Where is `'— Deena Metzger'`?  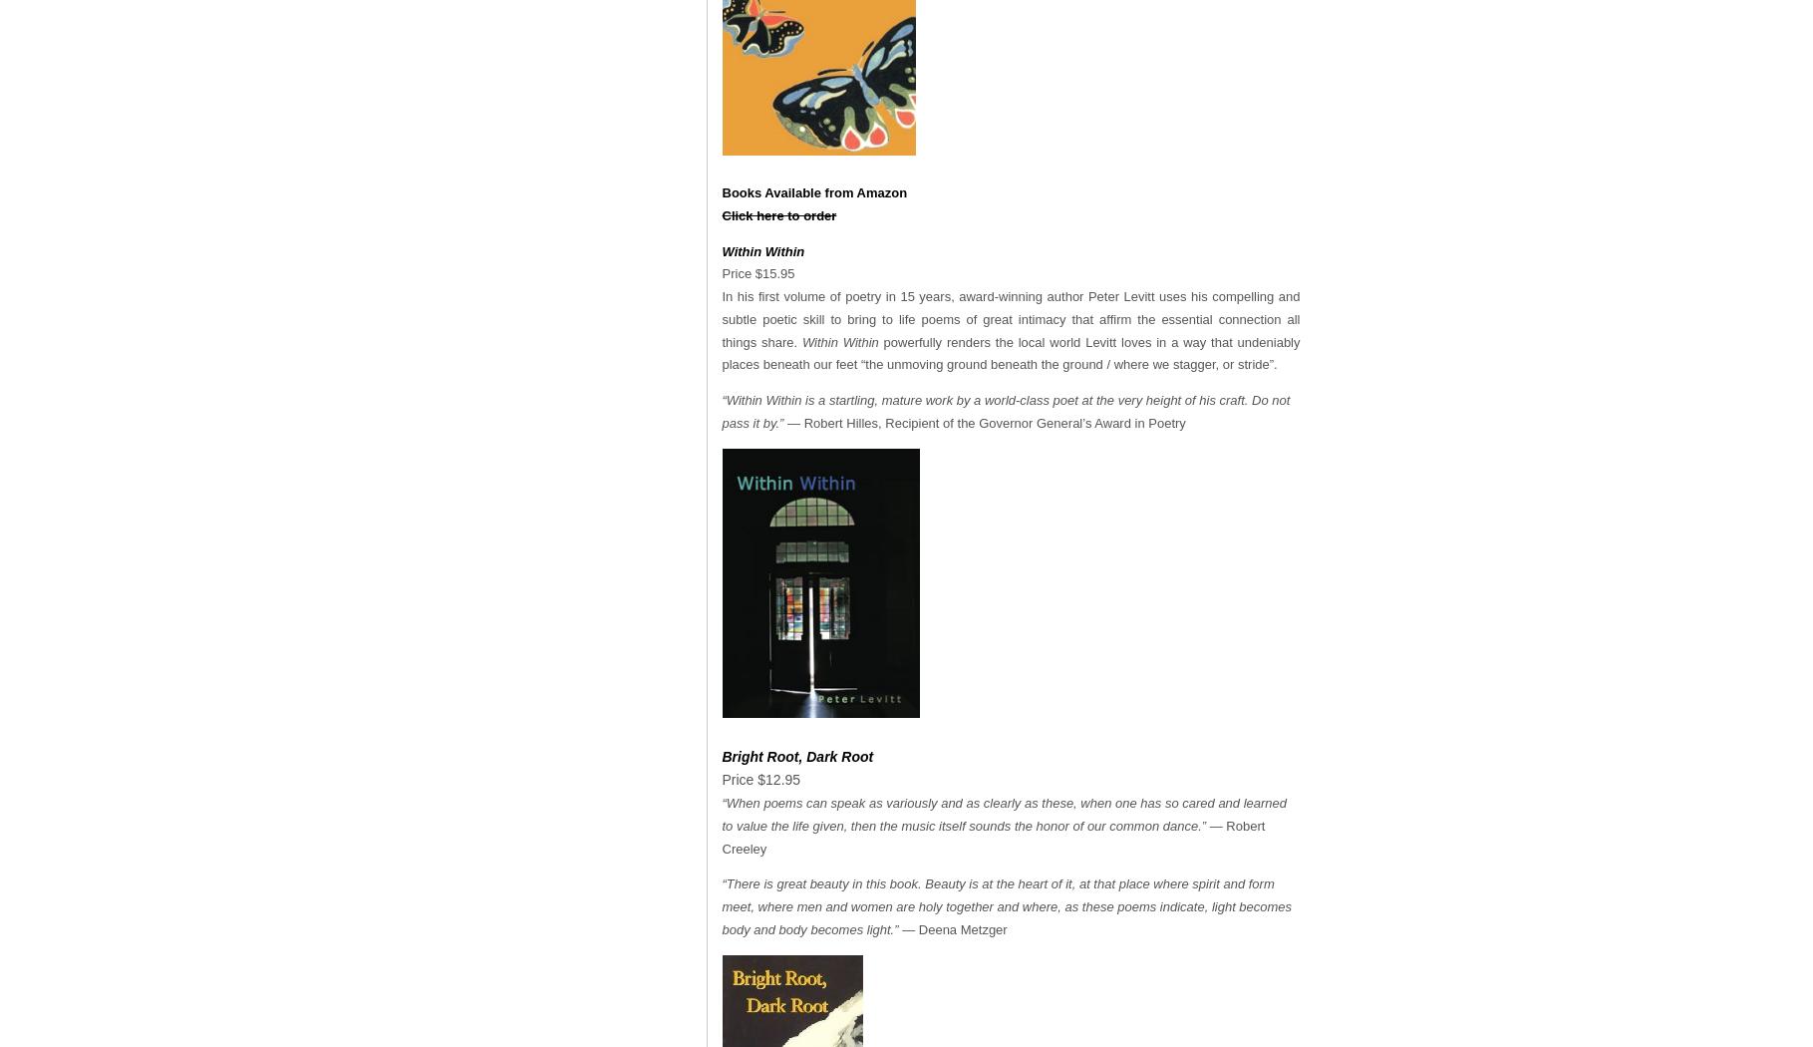
'— Deena Metzger' is located at coordinates (951, 928).